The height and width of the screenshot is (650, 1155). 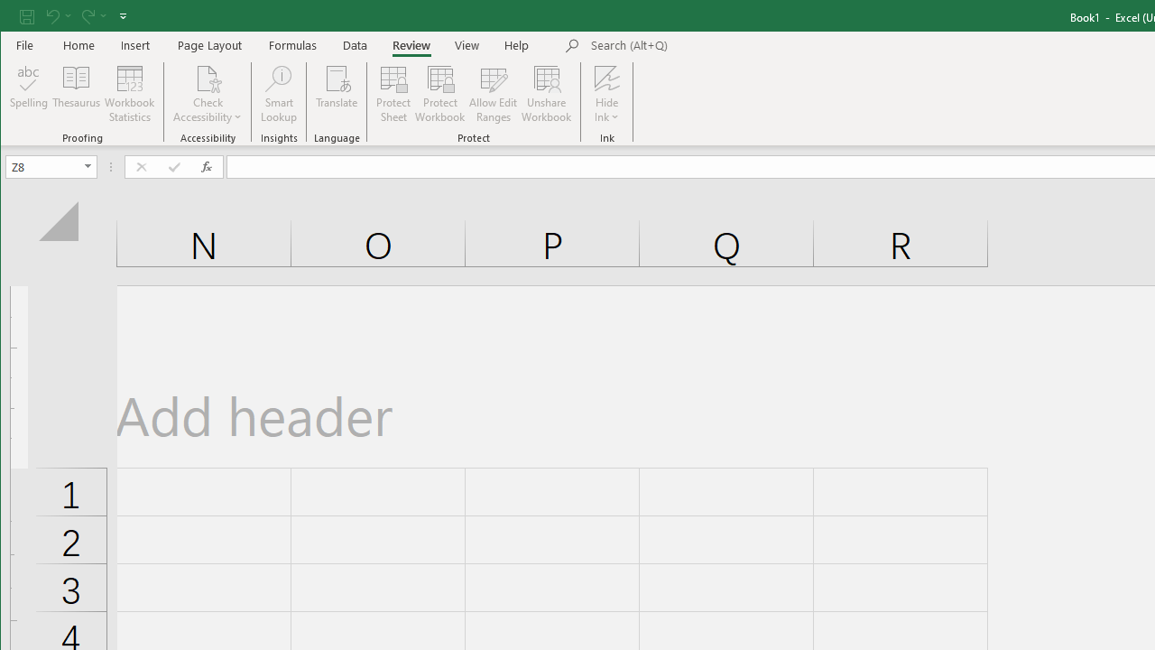 What do you see at coordinates (278, 94) in the screenshot?
I see `'Smart Lookup'` at bounding box center [278, 94].